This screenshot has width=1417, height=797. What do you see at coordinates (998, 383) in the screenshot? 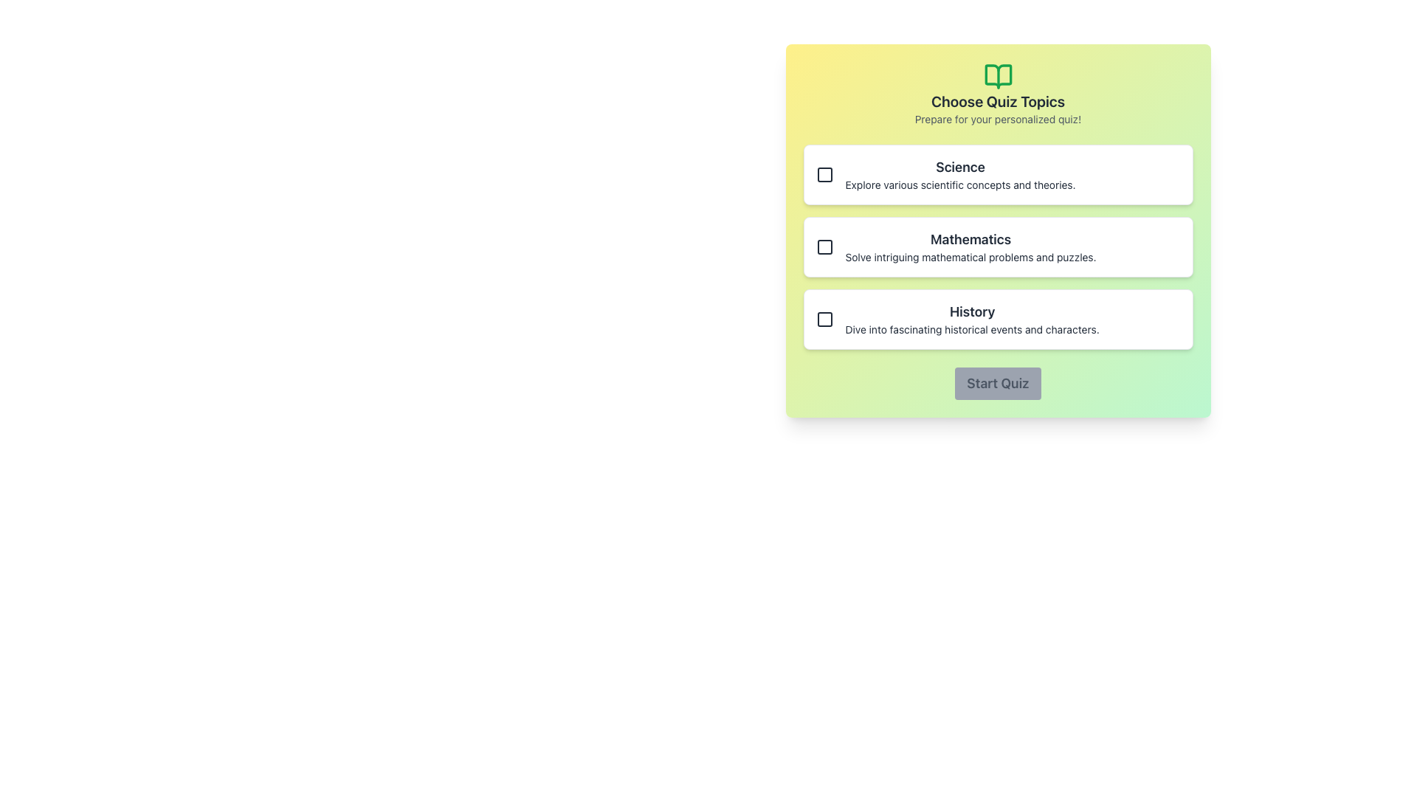
I see `the submit button located at the bottom center of the 'Choose Quiz Topics' panel` at bounding box center [998, 383].